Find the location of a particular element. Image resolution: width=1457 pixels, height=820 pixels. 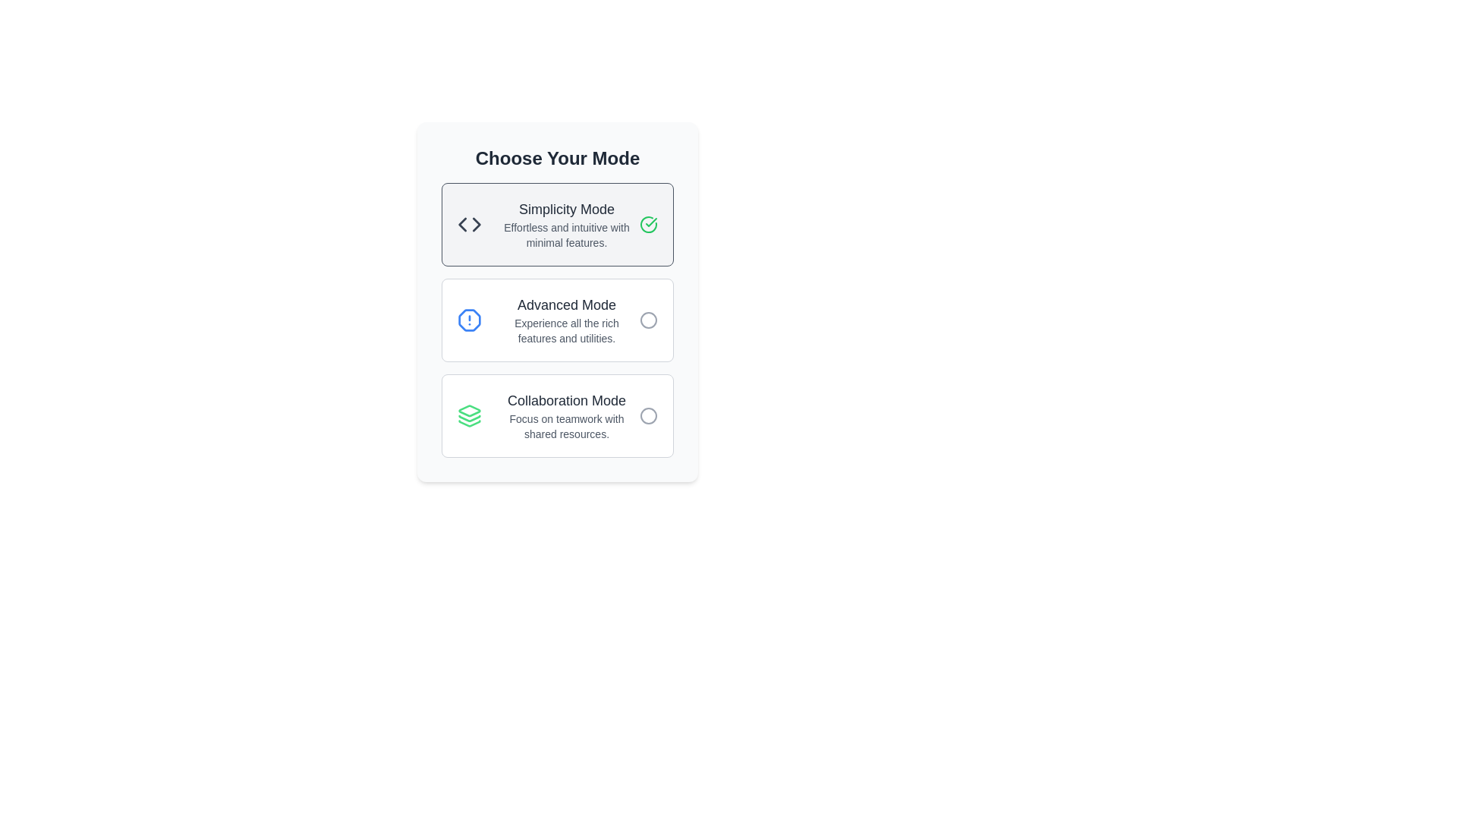

the selectable option for 'Collaboration Mode' located under 'Choose Your Mode' is located at coordinates (566, 415).